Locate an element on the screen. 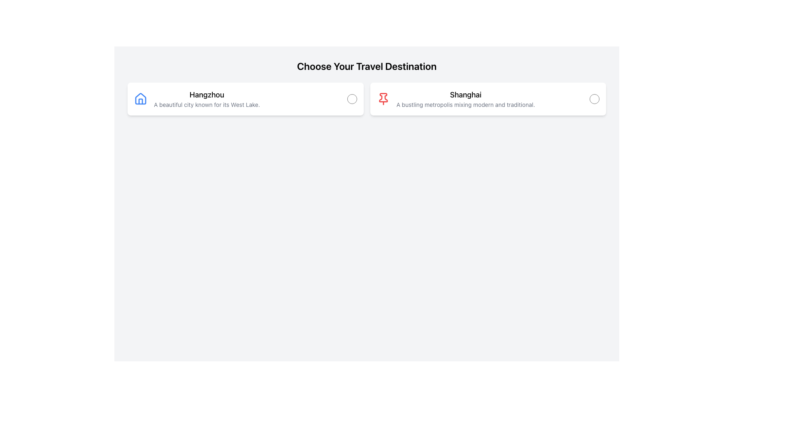  the house icon located at the top-left of the card representing 'Hangzhou', which visually symbolizes the place and aligns with the title and description is located at coordinates (140, 98).